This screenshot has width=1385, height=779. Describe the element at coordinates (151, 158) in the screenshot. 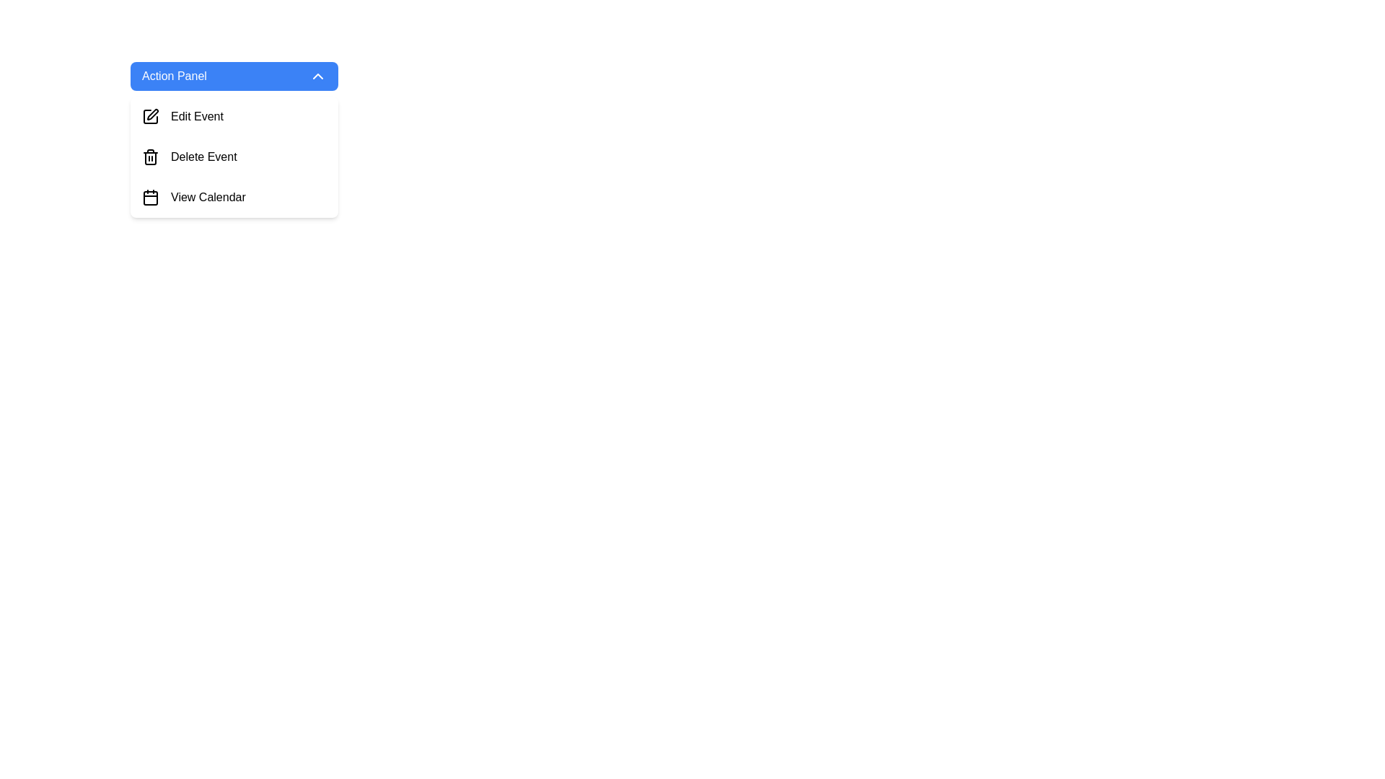

I see `the rectangular graphical icon representing the trash bin` at that location.